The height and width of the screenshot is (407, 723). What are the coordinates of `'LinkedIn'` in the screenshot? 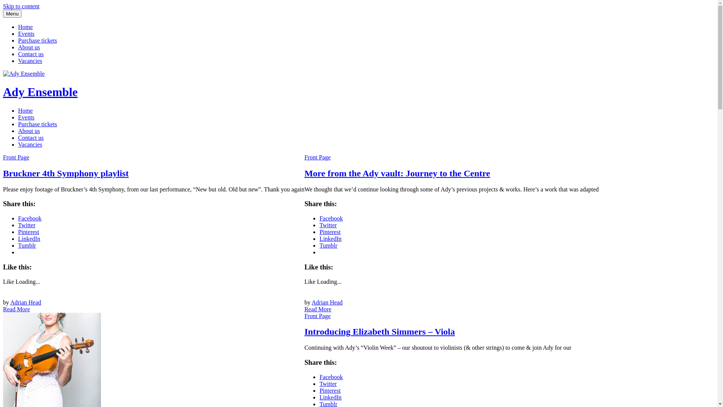 It's located at (29, 239).